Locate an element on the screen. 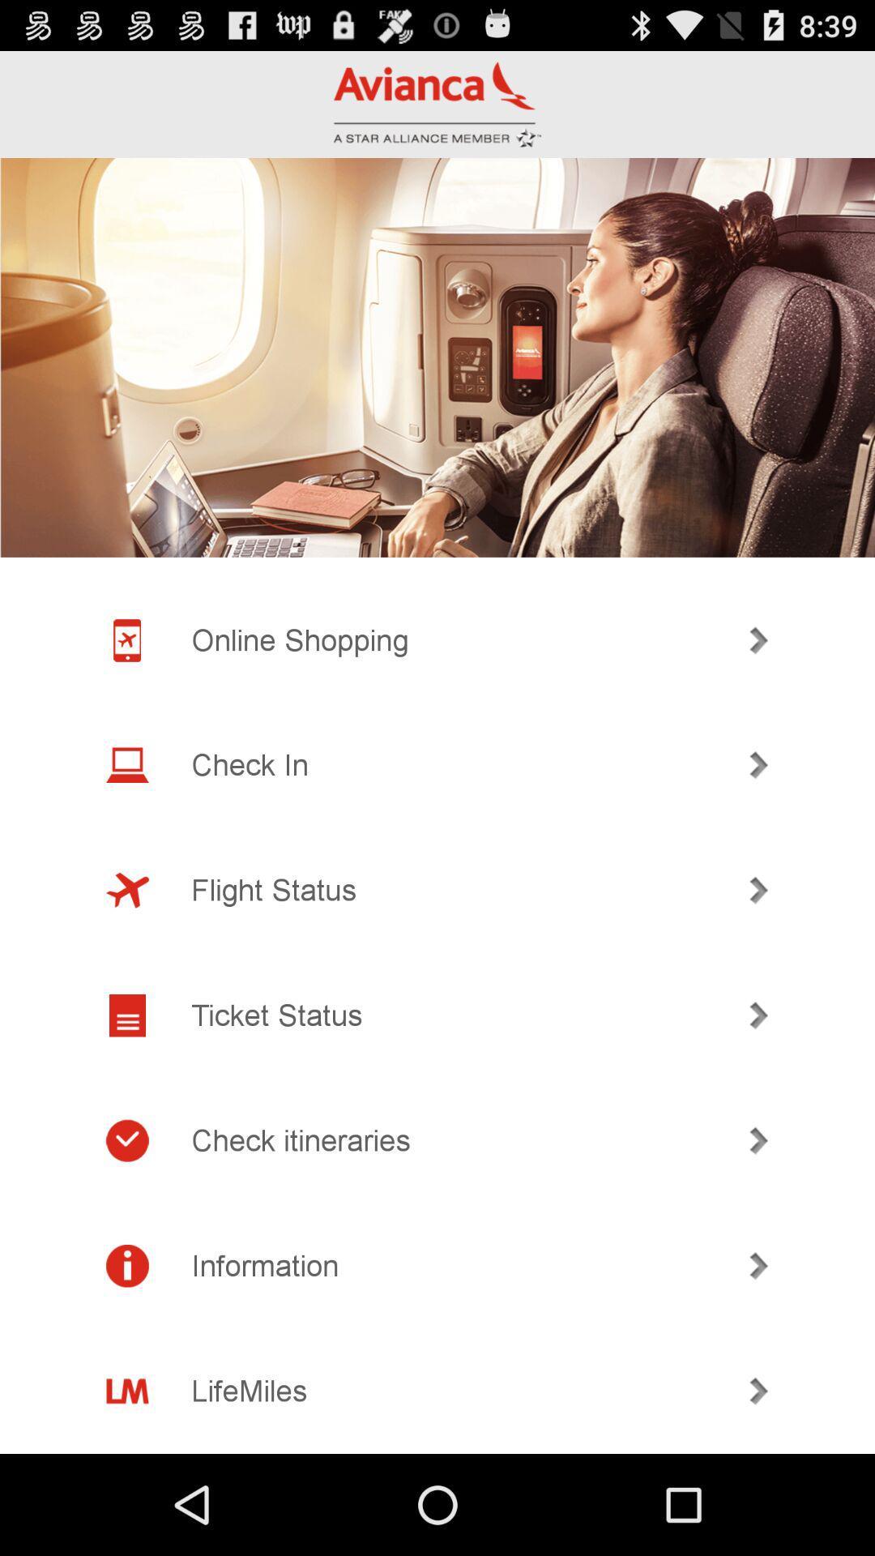 This screenshot has width=875, height=1556. the right arrow icon right to information is located at coordinates (759, 1265).